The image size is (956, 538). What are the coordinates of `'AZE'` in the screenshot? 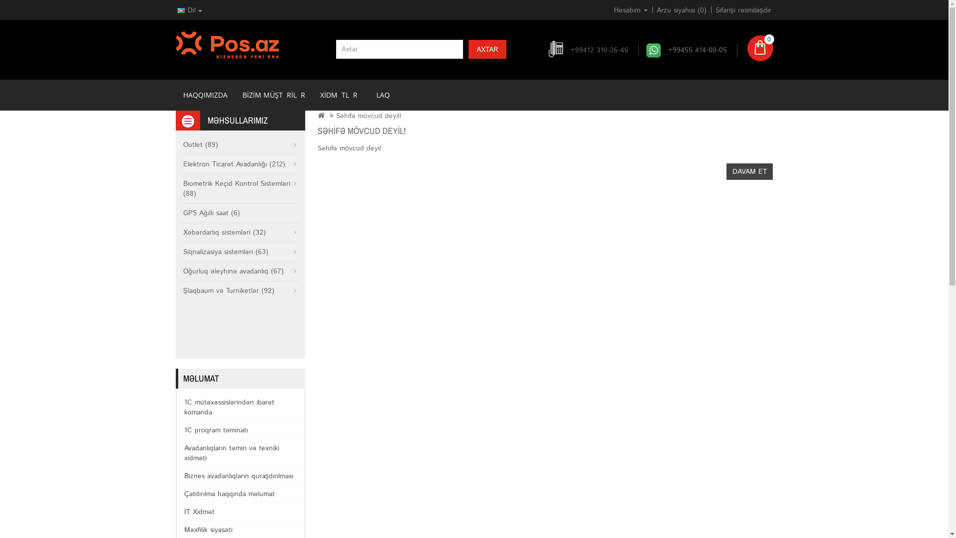 It's located at (181, 10).